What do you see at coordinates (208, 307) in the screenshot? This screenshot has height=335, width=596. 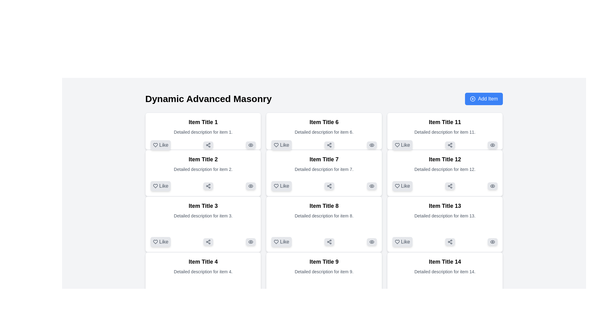 I see `the 'Share' button located as the second button to the right of the 'Like' button in the row of buttons under the item card to share the associated item` at bounding box center [208, 307].